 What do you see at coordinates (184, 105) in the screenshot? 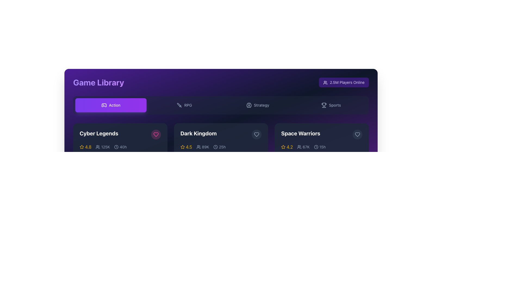
I see `the RPG category selector button located in the second slot of the horizontal row, positioned between the 'Action' and 'Strategy' buttons` at bounding box center [184, 105].